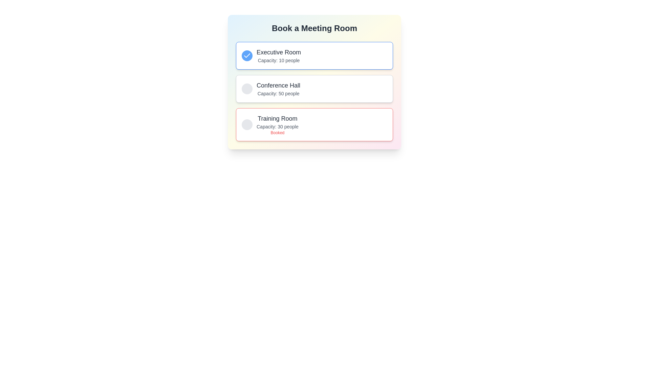 The width and height of the screenshot is (650, 365). What do you see at coordinates (314, 28) in the screenshot?
I see `the text label at the top of the card that indicates the section's purpose, situated above the list of items (Executive Room, Conference Hall, and Training Room)` at bounding box center [314, 28].